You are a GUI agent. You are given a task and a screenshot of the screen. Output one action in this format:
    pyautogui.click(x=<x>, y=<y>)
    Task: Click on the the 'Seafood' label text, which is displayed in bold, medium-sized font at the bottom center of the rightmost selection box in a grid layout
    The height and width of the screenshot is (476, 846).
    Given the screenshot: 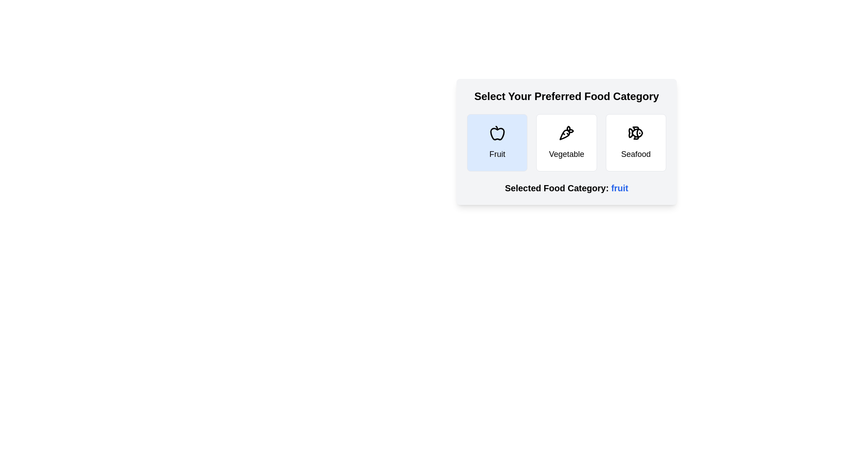 What is the action you would take?
    pyautogui.click(x=636, y=154)
    